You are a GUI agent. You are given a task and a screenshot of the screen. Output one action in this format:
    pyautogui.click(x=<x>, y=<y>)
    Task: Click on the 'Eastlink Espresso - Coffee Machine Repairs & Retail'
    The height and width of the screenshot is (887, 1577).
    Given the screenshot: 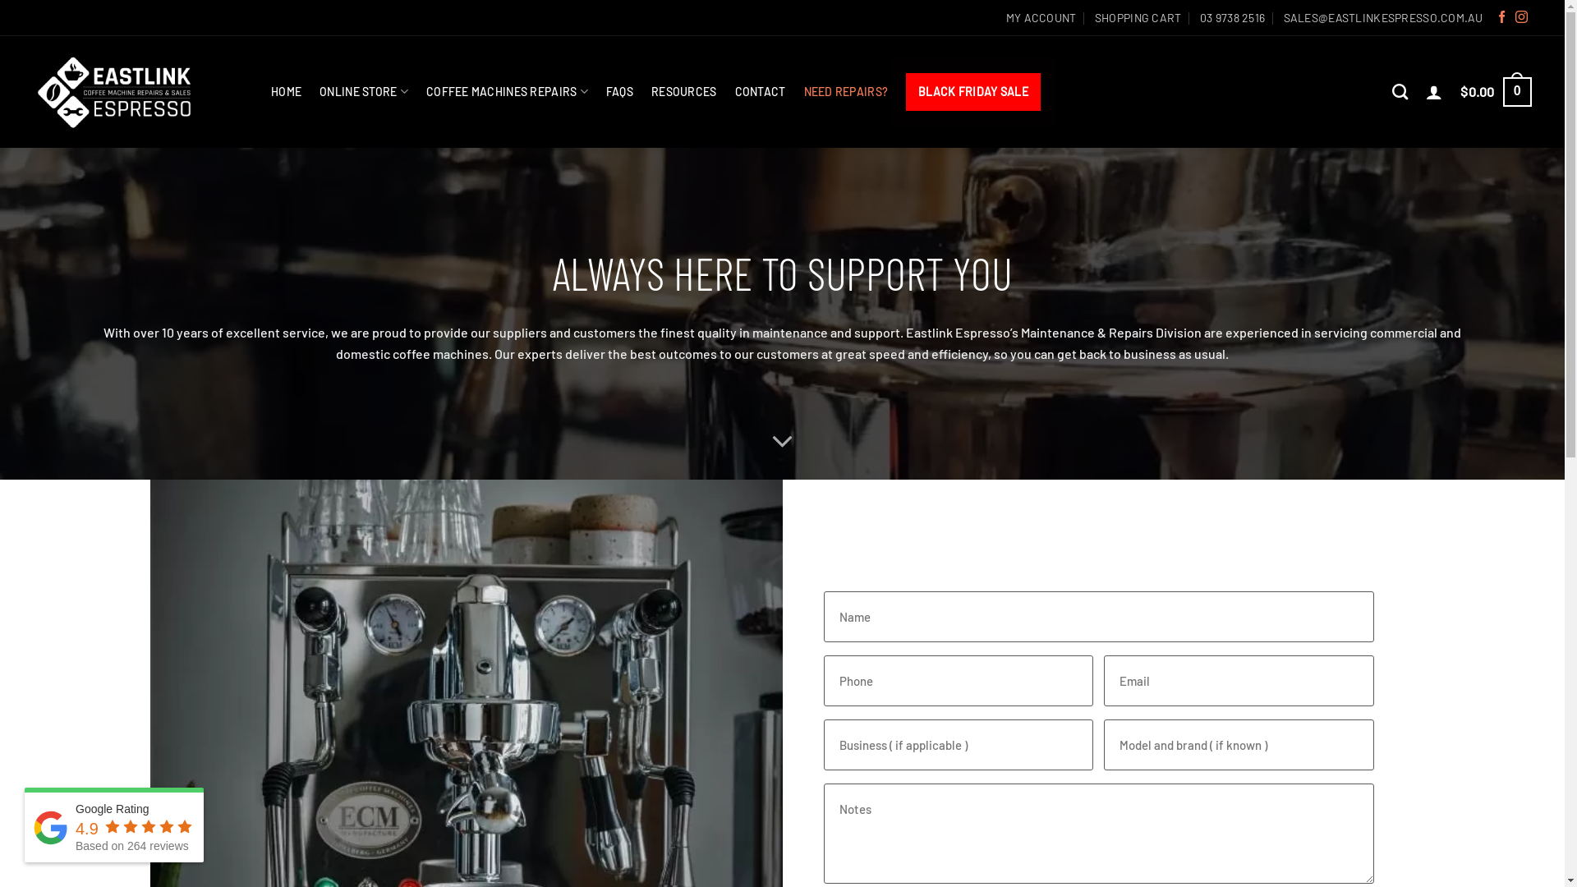 What is the action you would take?
    pyautogui.click(x=113, y=92)
    